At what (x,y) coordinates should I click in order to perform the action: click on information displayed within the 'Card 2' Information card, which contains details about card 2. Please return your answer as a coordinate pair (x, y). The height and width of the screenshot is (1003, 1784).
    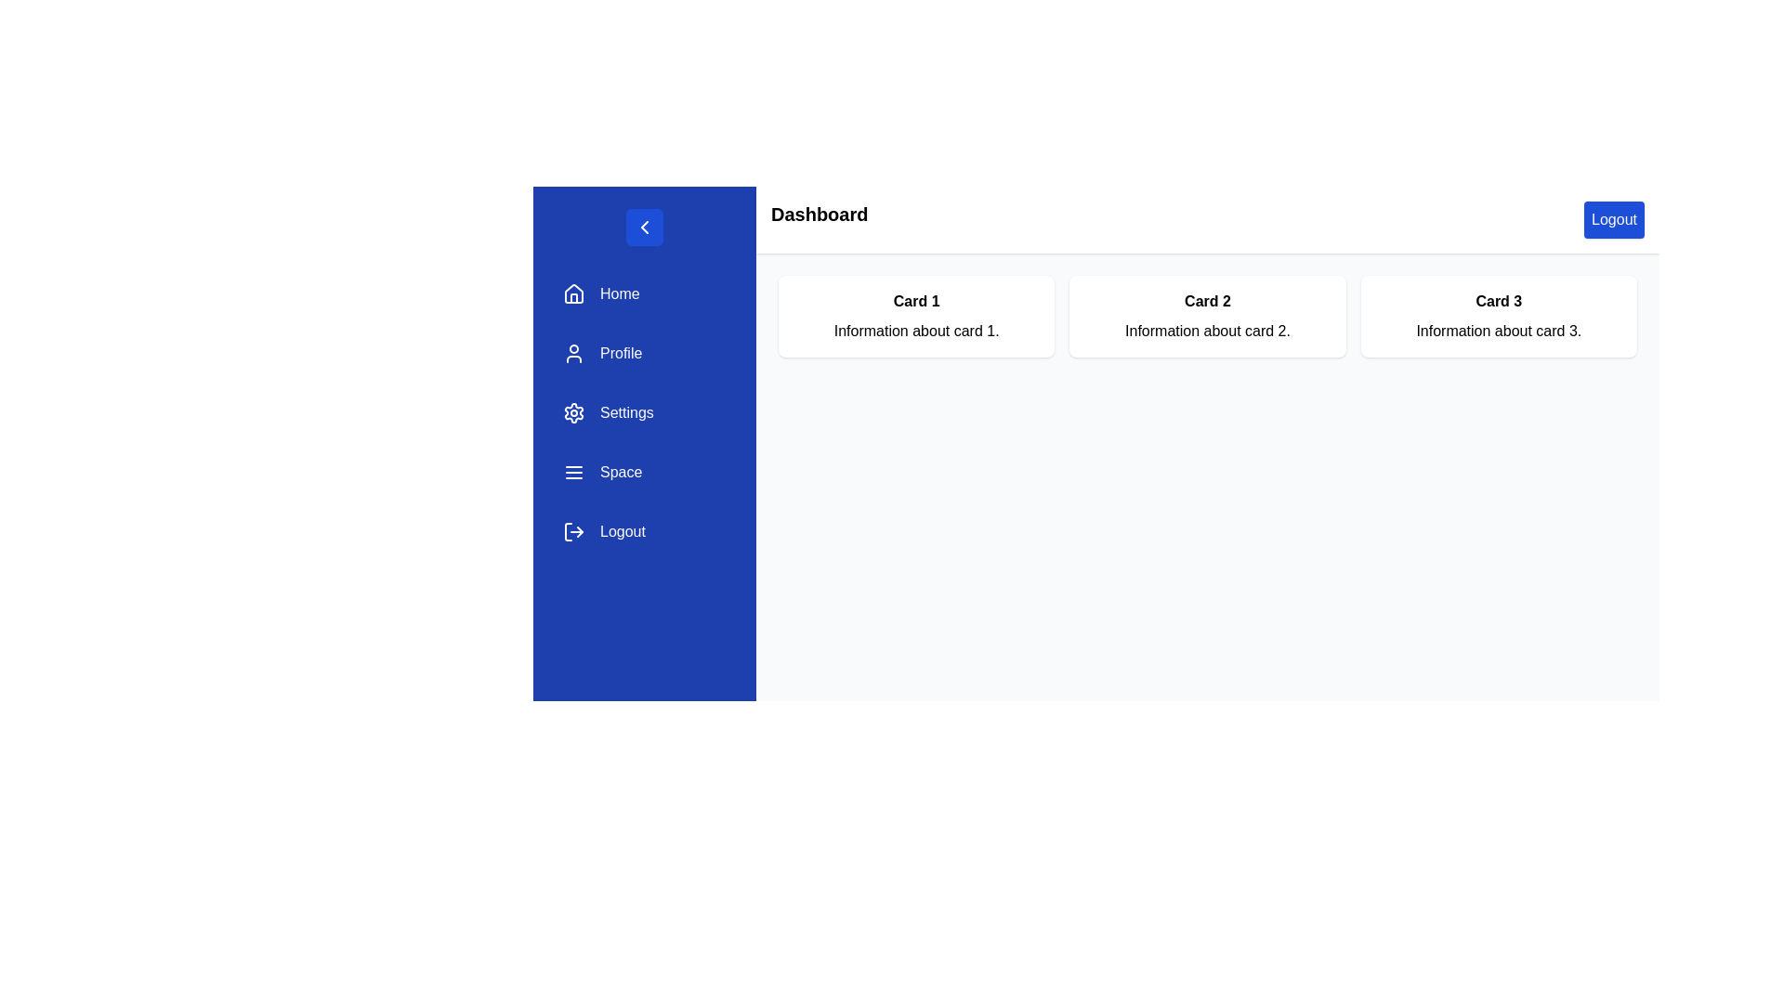
    Looking at the image, I should click on (1208, 315).